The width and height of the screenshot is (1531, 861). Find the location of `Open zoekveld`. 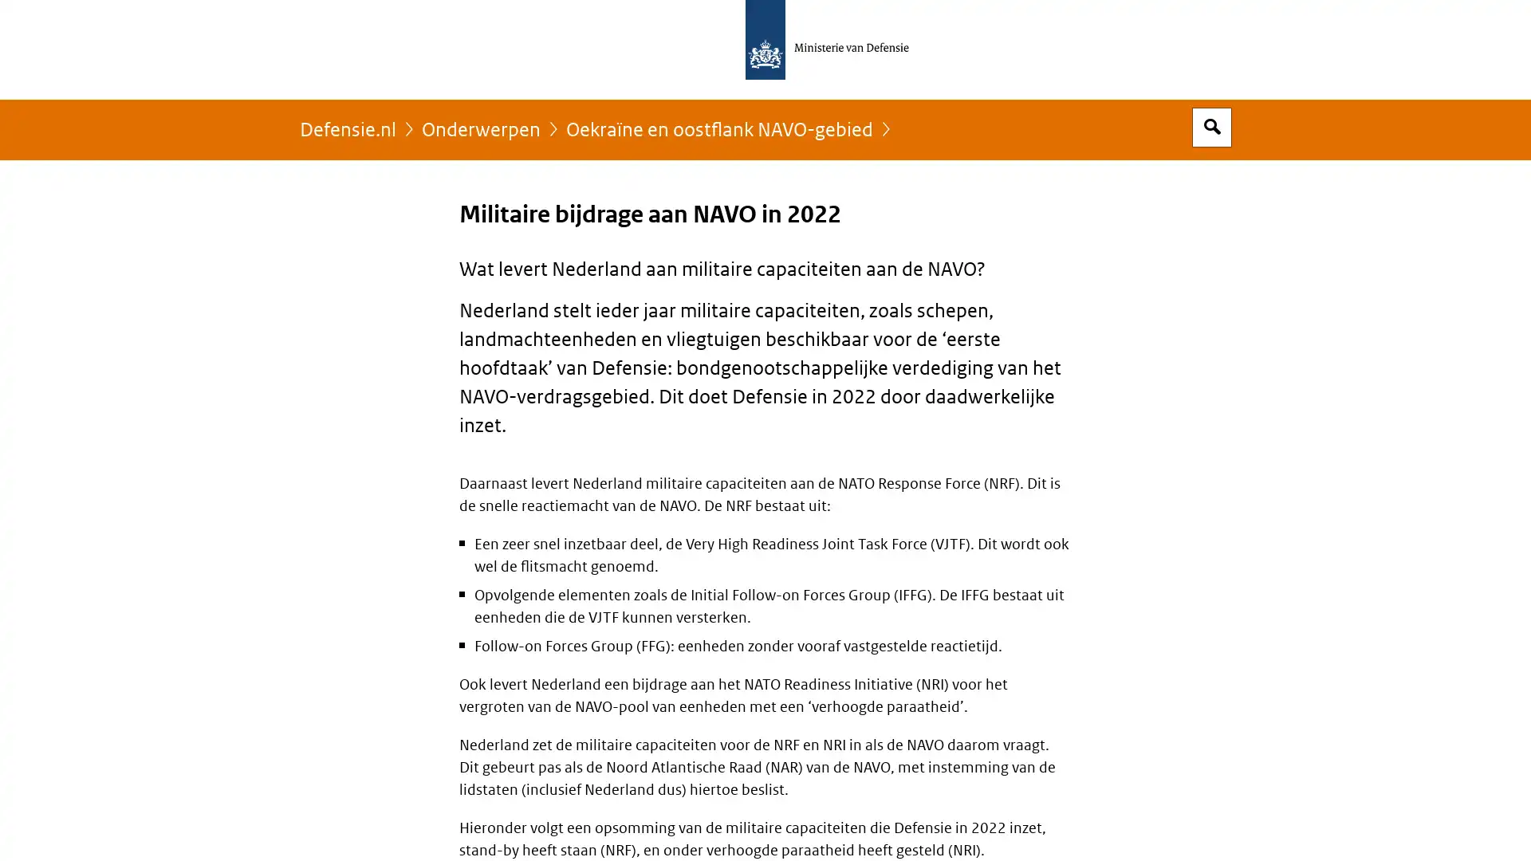

Open zoekveld is located at coordinates (1212, 126).